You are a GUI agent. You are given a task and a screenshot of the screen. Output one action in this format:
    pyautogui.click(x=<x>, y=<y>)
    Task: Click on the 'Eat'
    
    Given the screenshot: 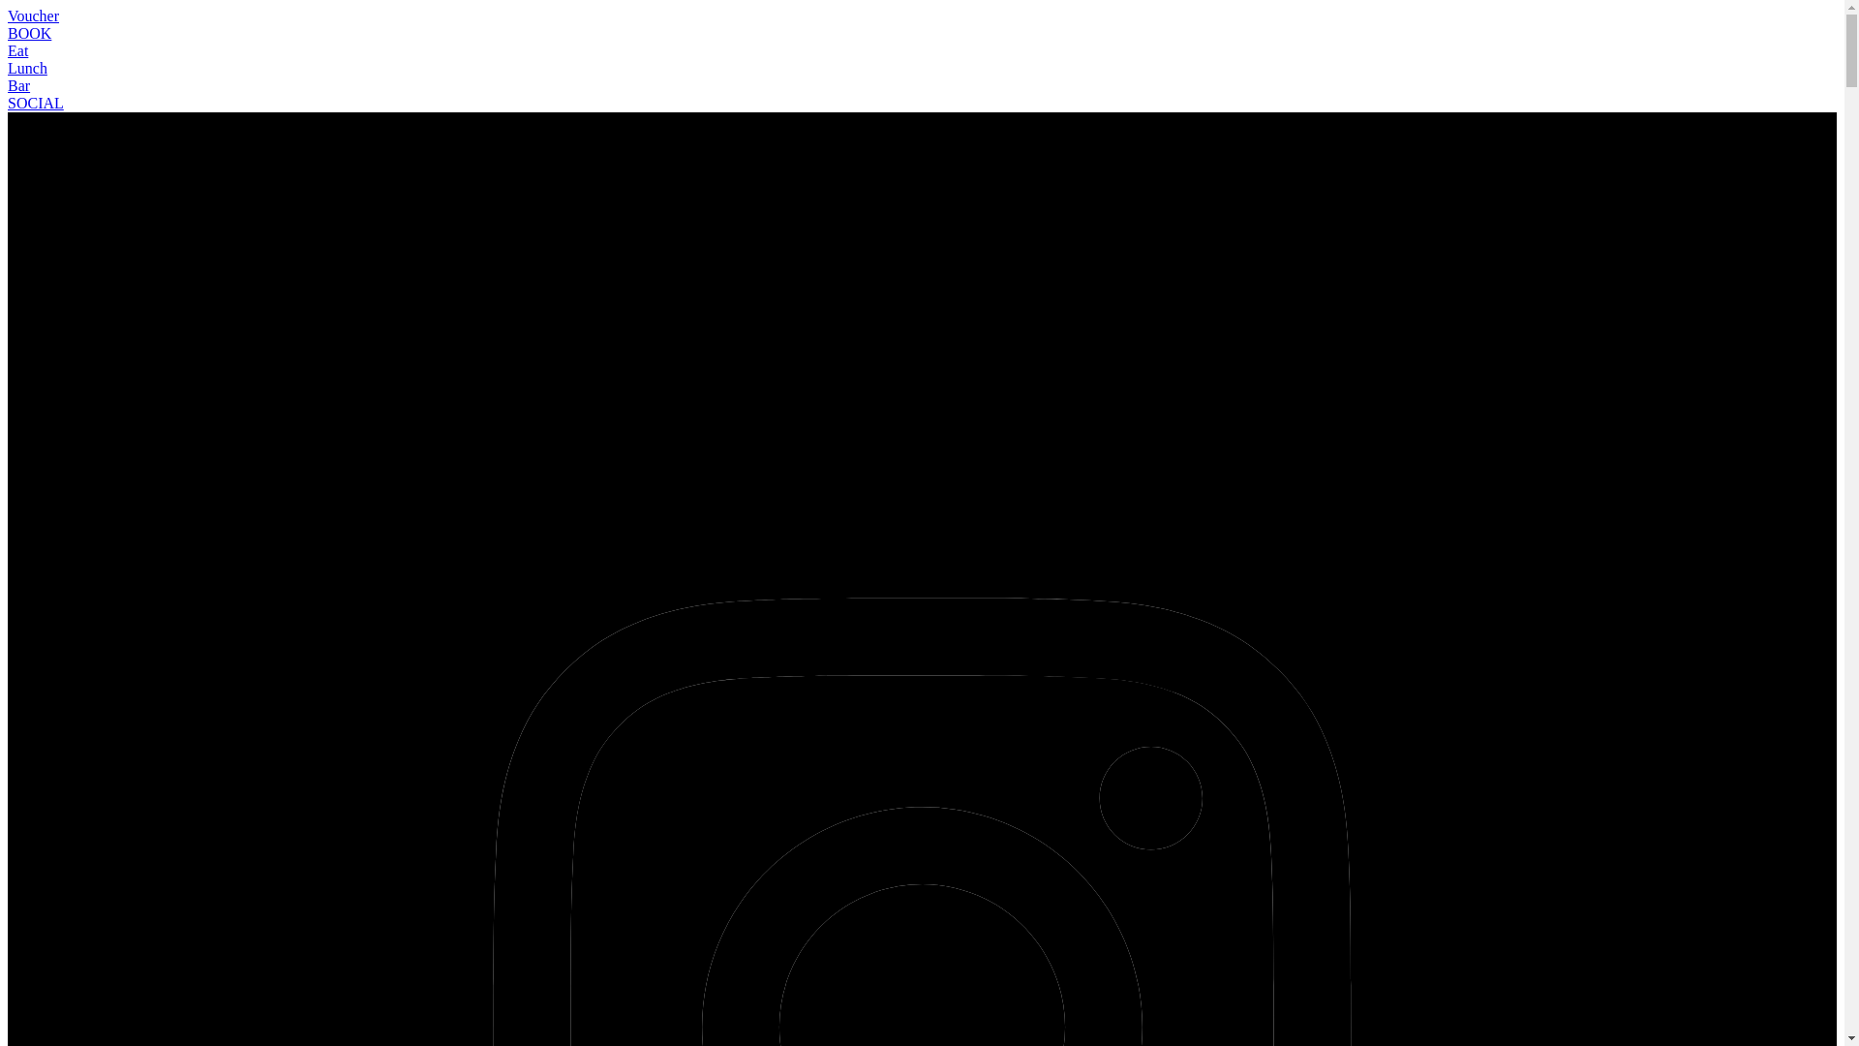 What is the action you would take?
    pyautogui.click(x=17, y=49)
    